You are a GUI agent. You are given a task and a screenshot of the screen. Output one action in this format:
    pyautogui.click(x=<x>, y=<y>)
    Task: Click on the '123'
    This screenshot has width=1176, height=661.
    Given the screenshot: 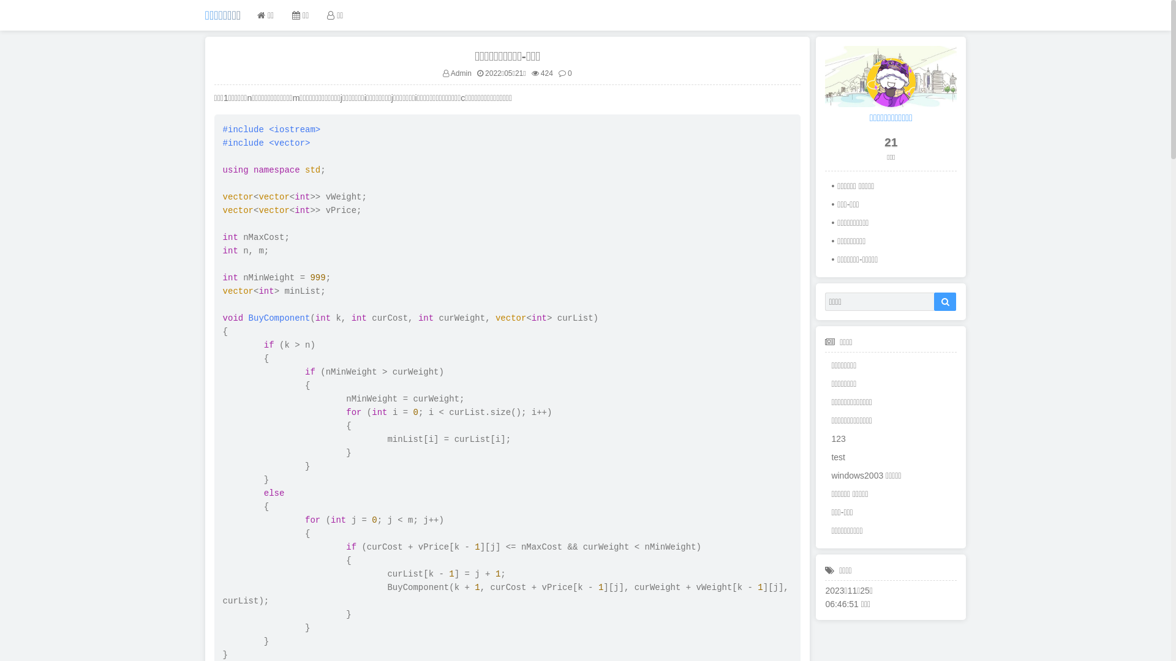 What is the action you would take?
    pyautogui.click(x=892, y=438)
    